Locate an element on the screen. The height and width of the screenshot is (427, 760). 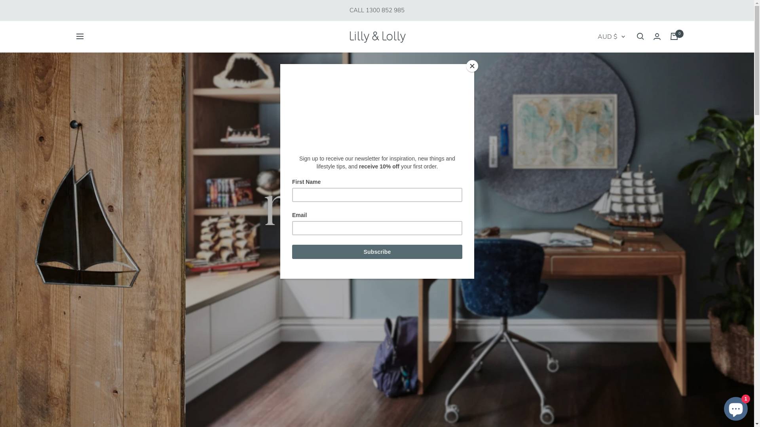
'Navigation' is located at coordinates (80, 36).